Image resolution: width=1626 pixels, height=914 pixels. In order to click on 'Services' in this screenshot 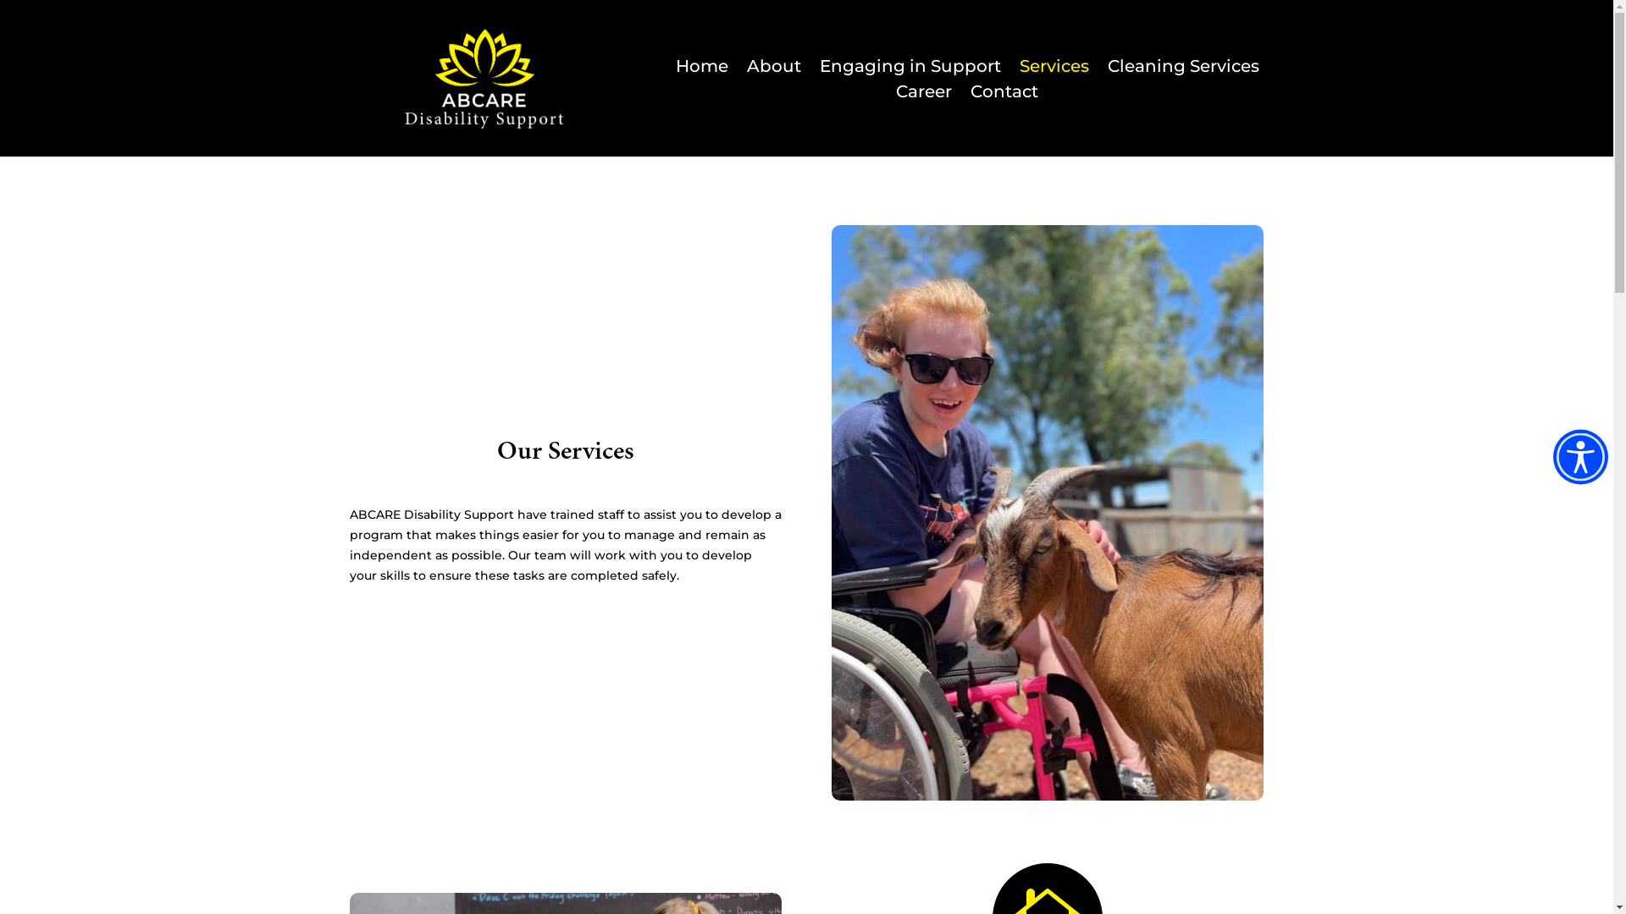, I will do `click(1019, 68)`.